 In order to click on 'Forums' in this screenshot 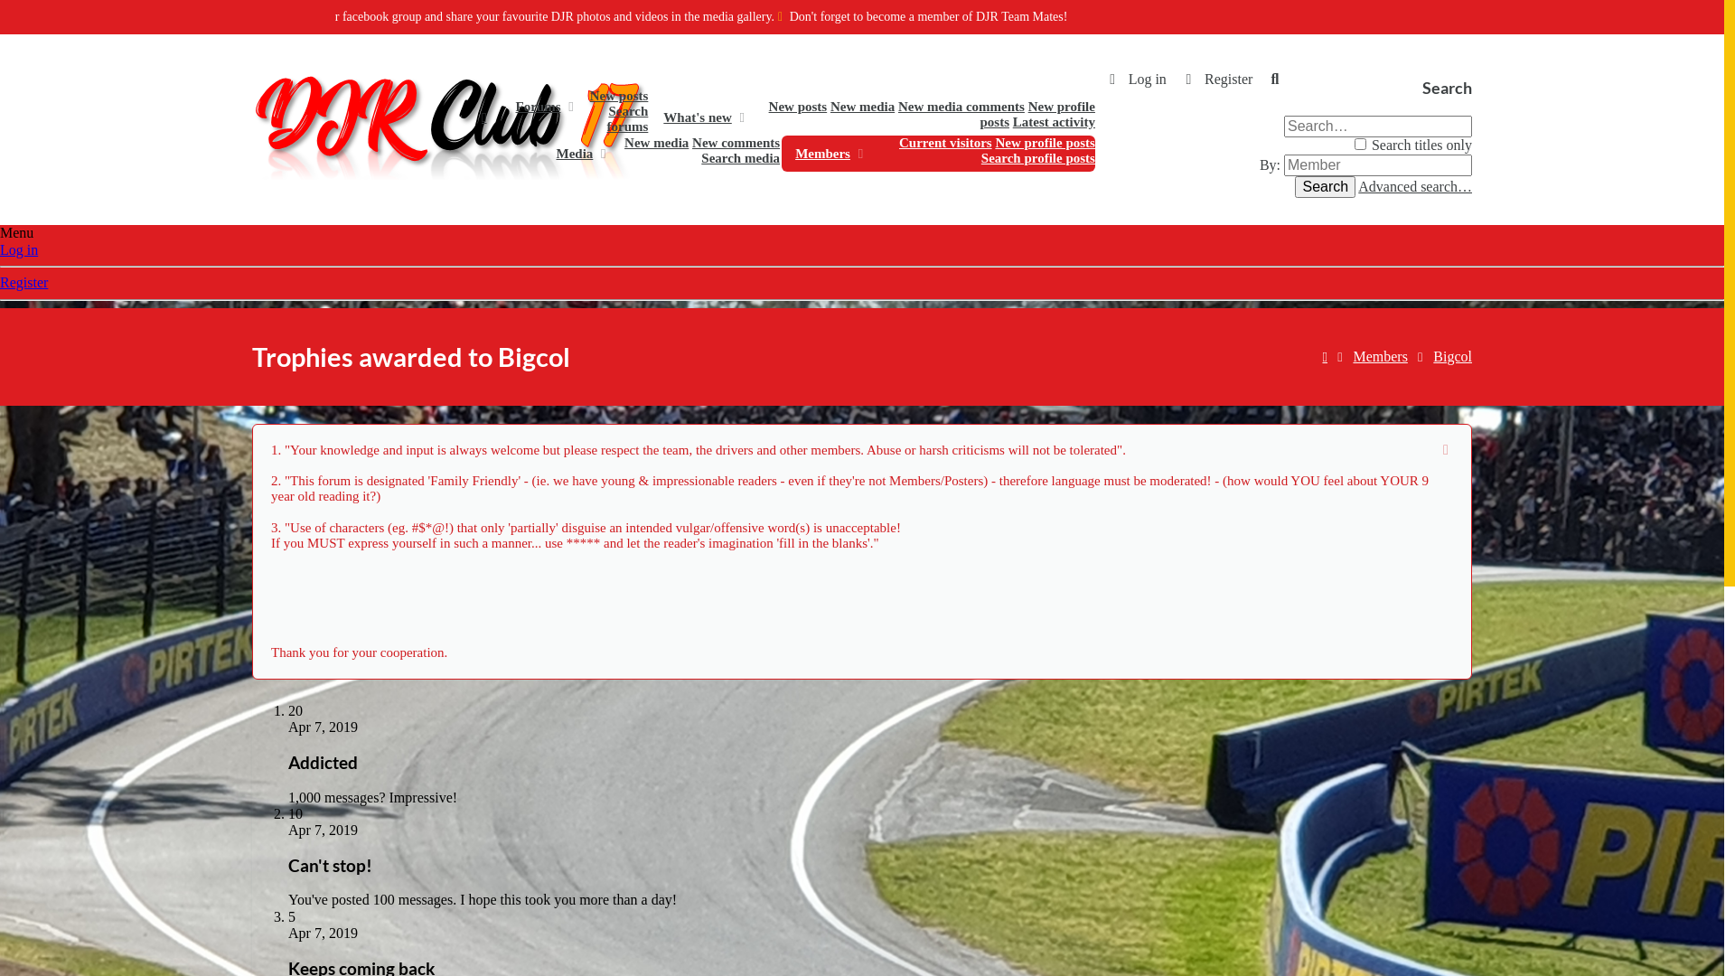, I will do `click(532, 107)`.